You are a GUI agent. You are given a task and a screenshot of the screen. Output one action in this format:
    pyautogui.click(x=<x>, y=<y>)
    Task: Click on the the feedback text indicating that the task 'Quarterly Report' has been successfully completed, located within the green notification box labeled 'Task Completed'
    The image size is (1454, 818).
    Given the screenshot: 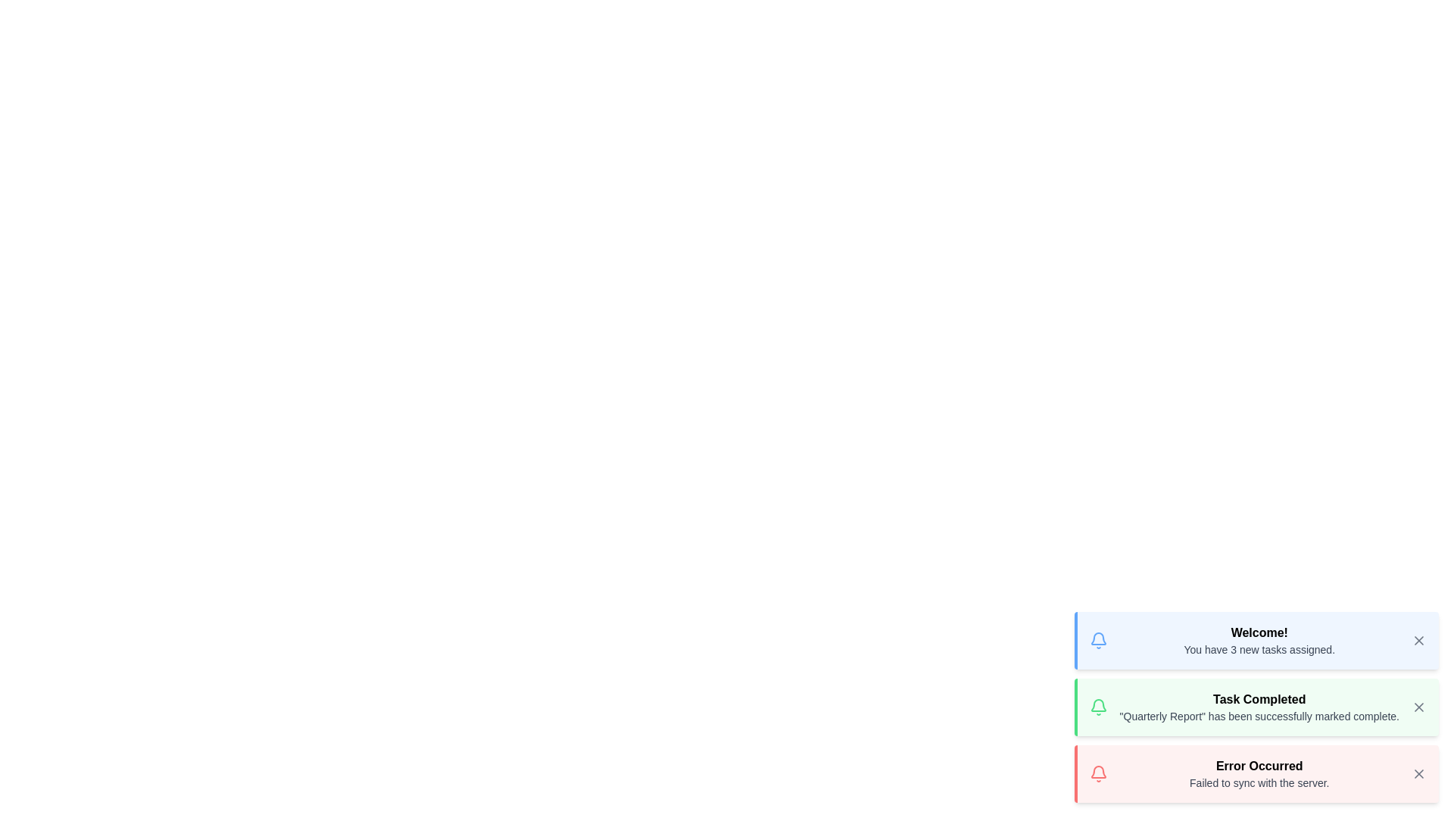 What is the action you would take?
    pyautogui.click(x=1259, y=716)
    